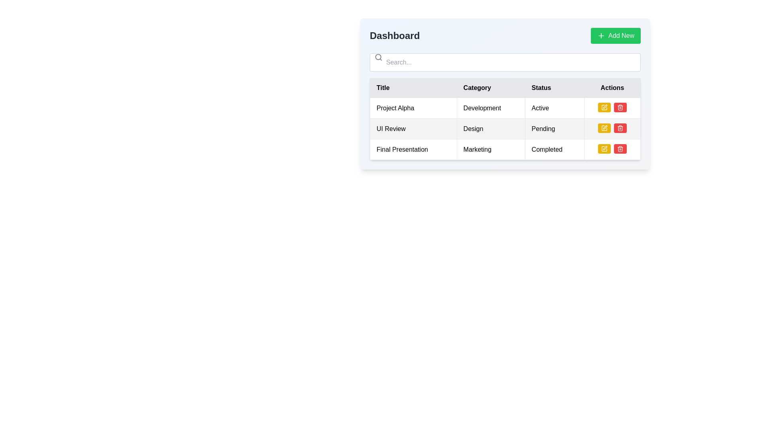 The width and height of the screenshot is (766, 430). Describe the element at coordinates (605, 106) in the screenshot. I see `the 'edit' icon located in the last column of the second row in the 'Actions' table` at that location.